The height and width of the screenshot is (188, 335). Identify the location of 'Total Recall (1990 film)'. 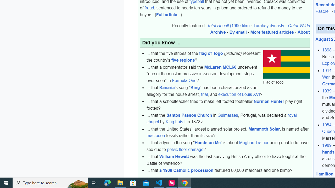
(228, 26).